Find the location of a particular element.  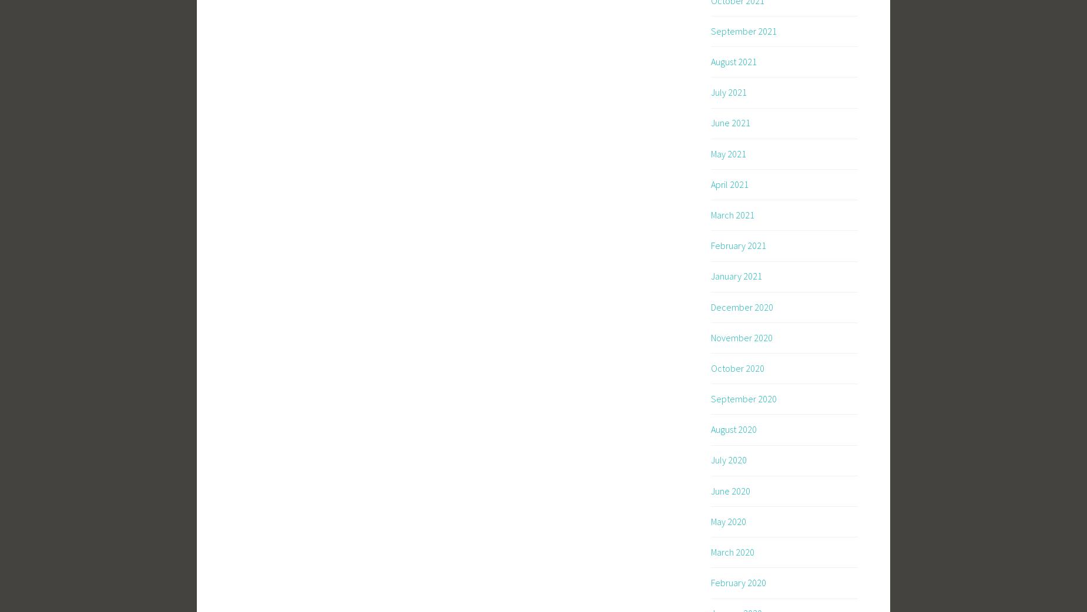

'October 2020' is located at coordinates (737, 368).